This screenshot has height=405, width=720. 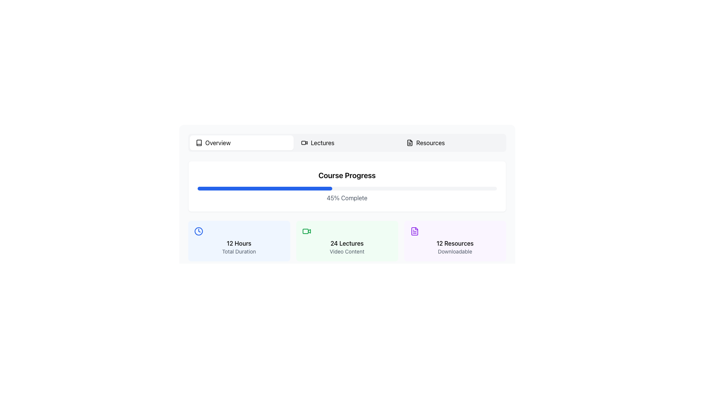 What do you see at coordinates (306, 231) in the screenshot?
I see `the green video icon with rounded corners located above the '24 Lectures' title and 'Video Content' subtitle within the green-shaded rectangular card` at bounding box center [306, 231].